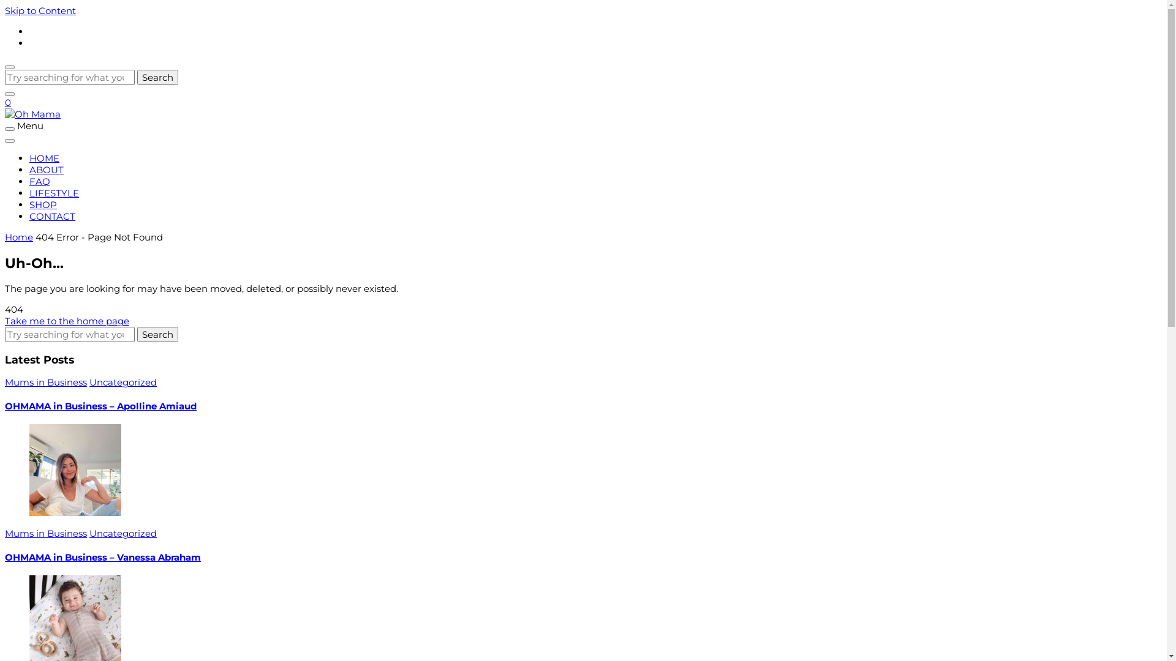 Image resolution: width=1176 pixels, height=661 pixels. Describe the element at coordinates (53, 193) in the screenshot. I see `'LIFESTYLE'` at that location.